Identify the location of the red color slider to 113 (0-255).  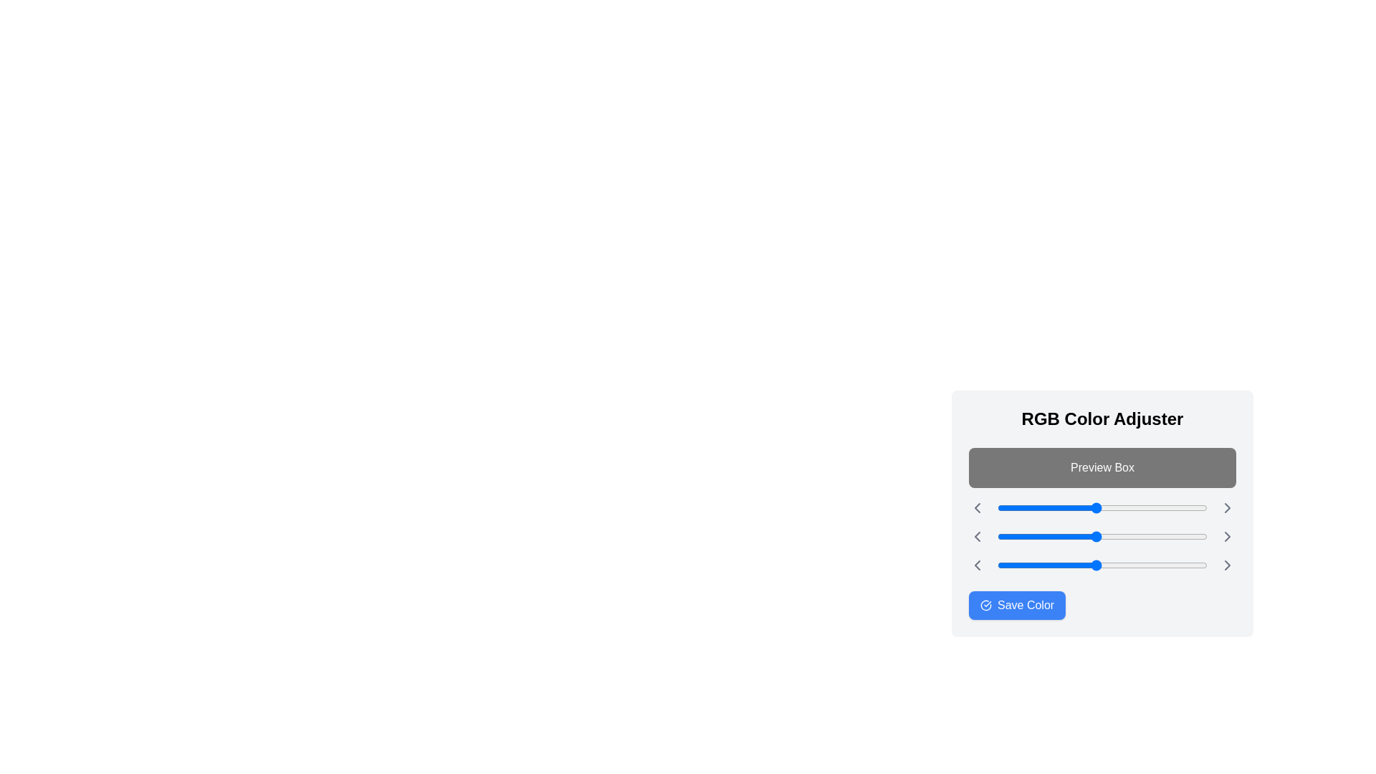
(1089, 507).